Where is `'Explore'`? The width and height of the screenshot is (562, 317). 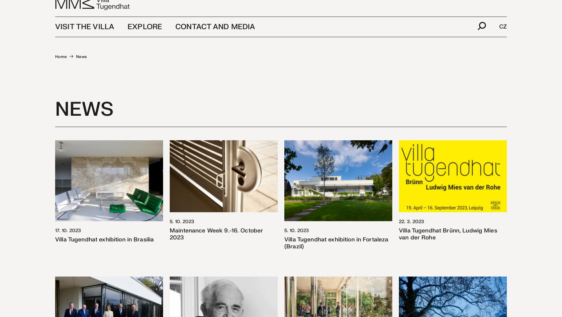 'Explore' is located at coordinates (144, 37).